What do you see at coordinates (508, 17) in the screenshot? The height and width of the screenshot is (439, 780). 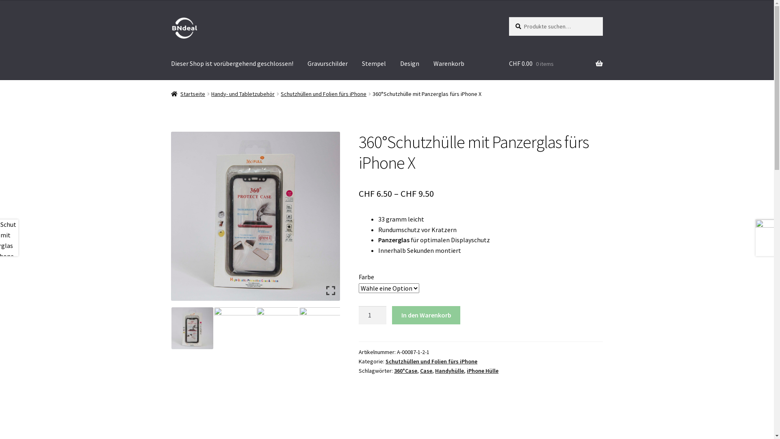 I see `'Suche'` at bounding box center [508, 17].